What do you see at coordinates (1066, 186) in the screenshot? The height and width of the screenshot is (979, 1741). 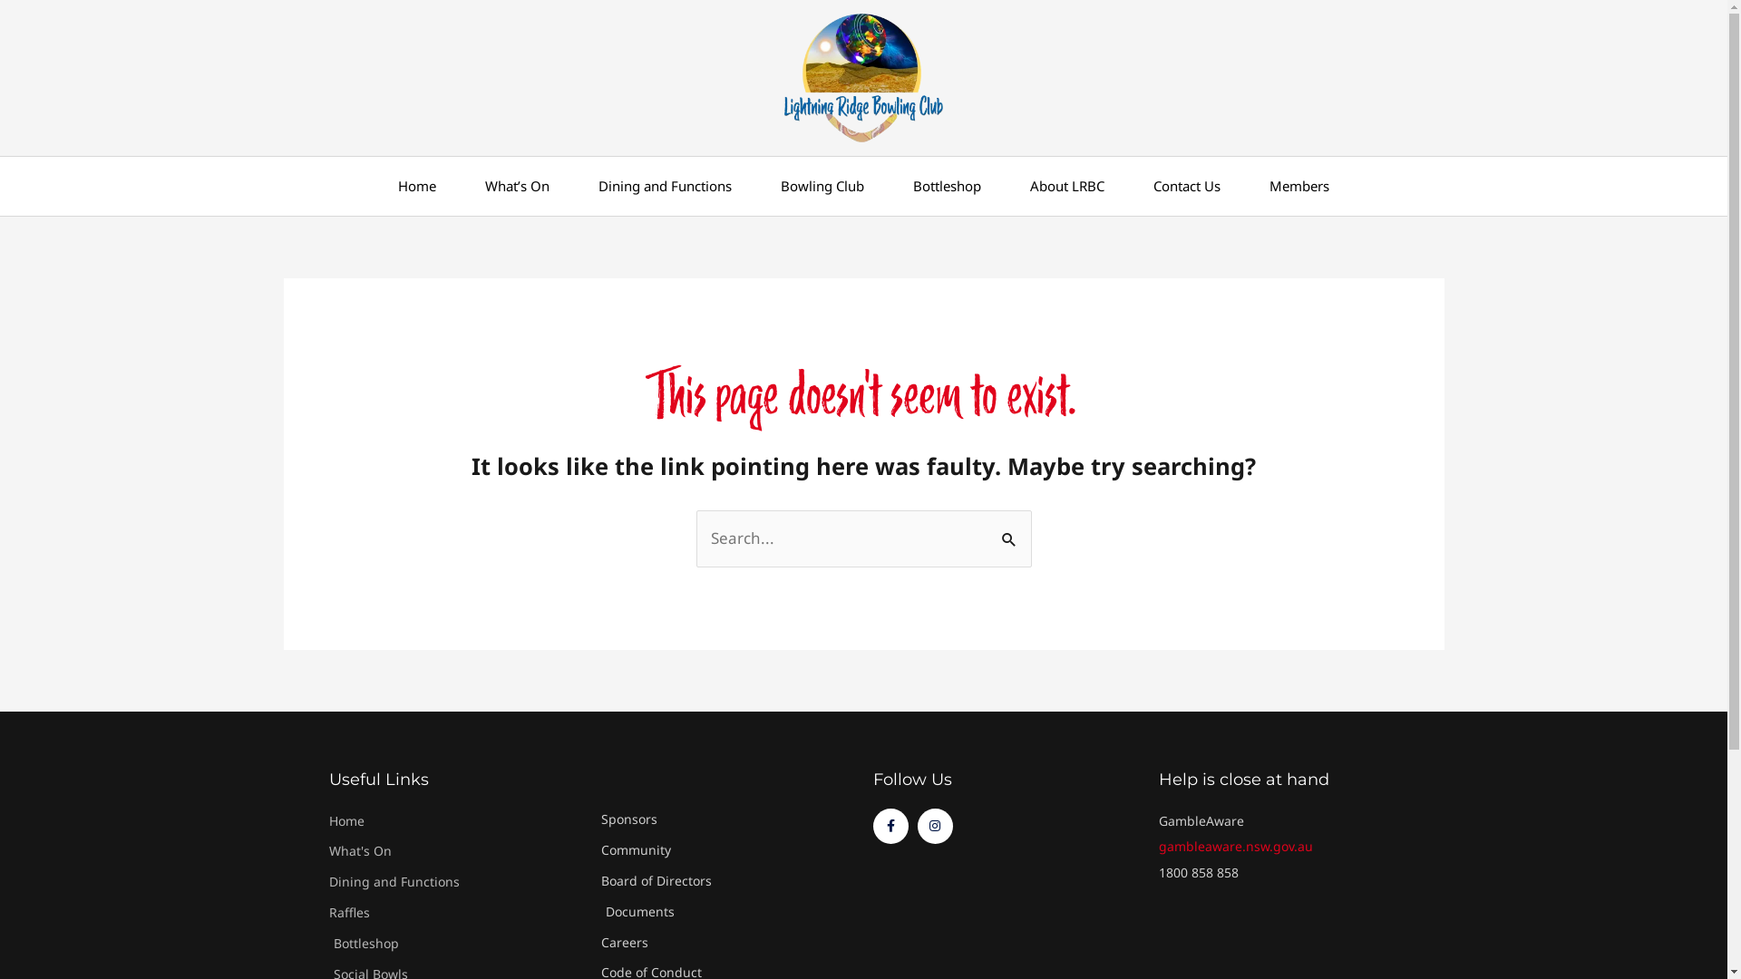 I see `'About LRBC'` at bounding box center [1066, 186].